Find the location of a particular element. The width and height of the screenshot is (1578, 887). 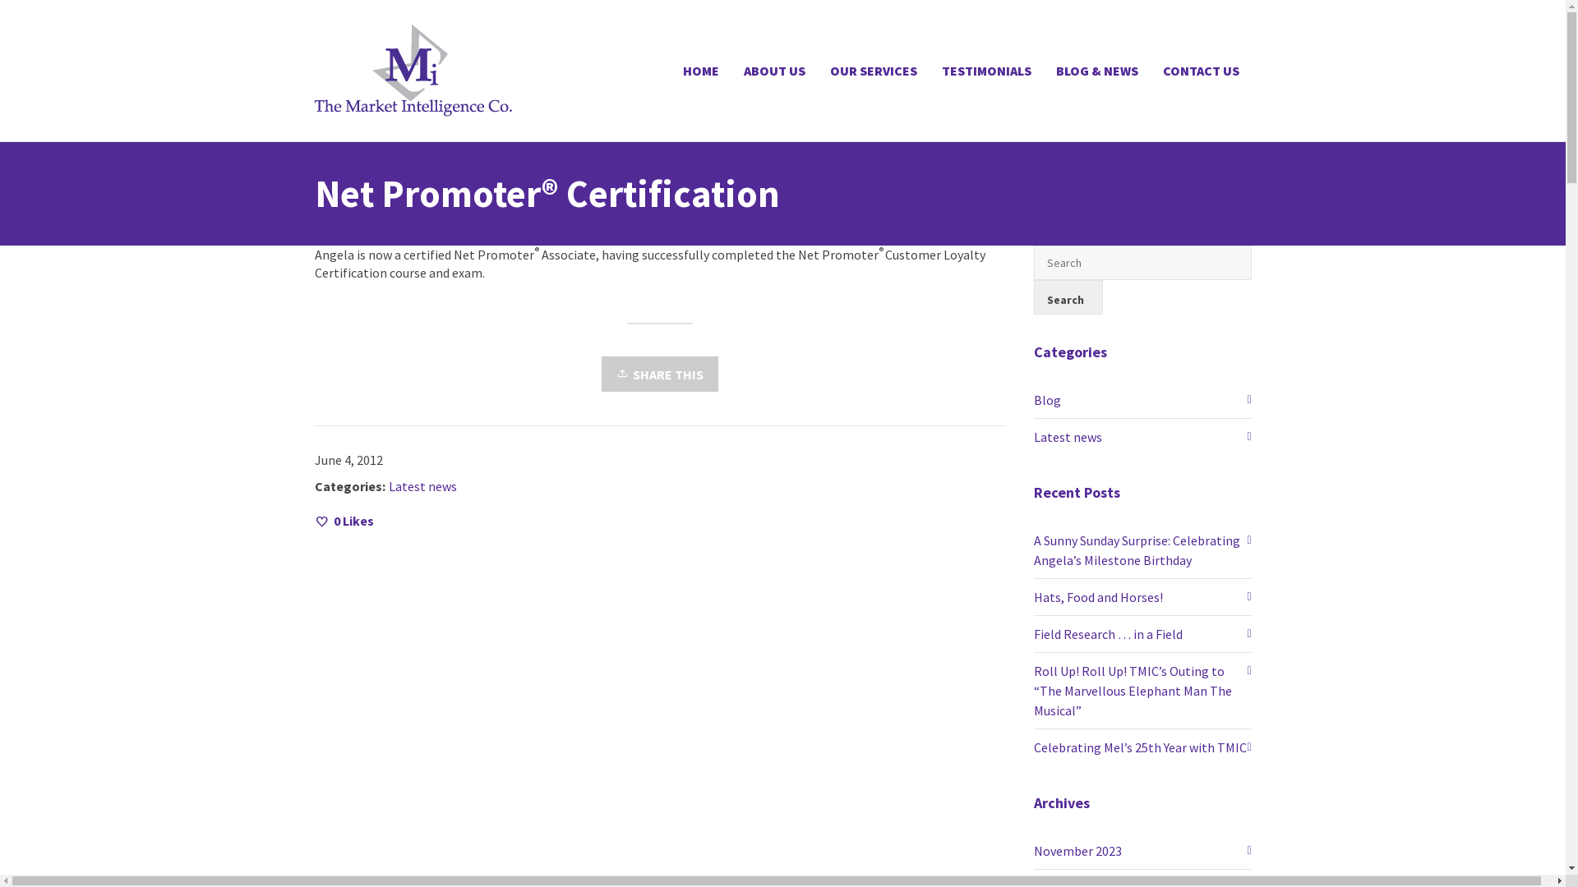

'Latest news' is located at coordinates (1142, 436).